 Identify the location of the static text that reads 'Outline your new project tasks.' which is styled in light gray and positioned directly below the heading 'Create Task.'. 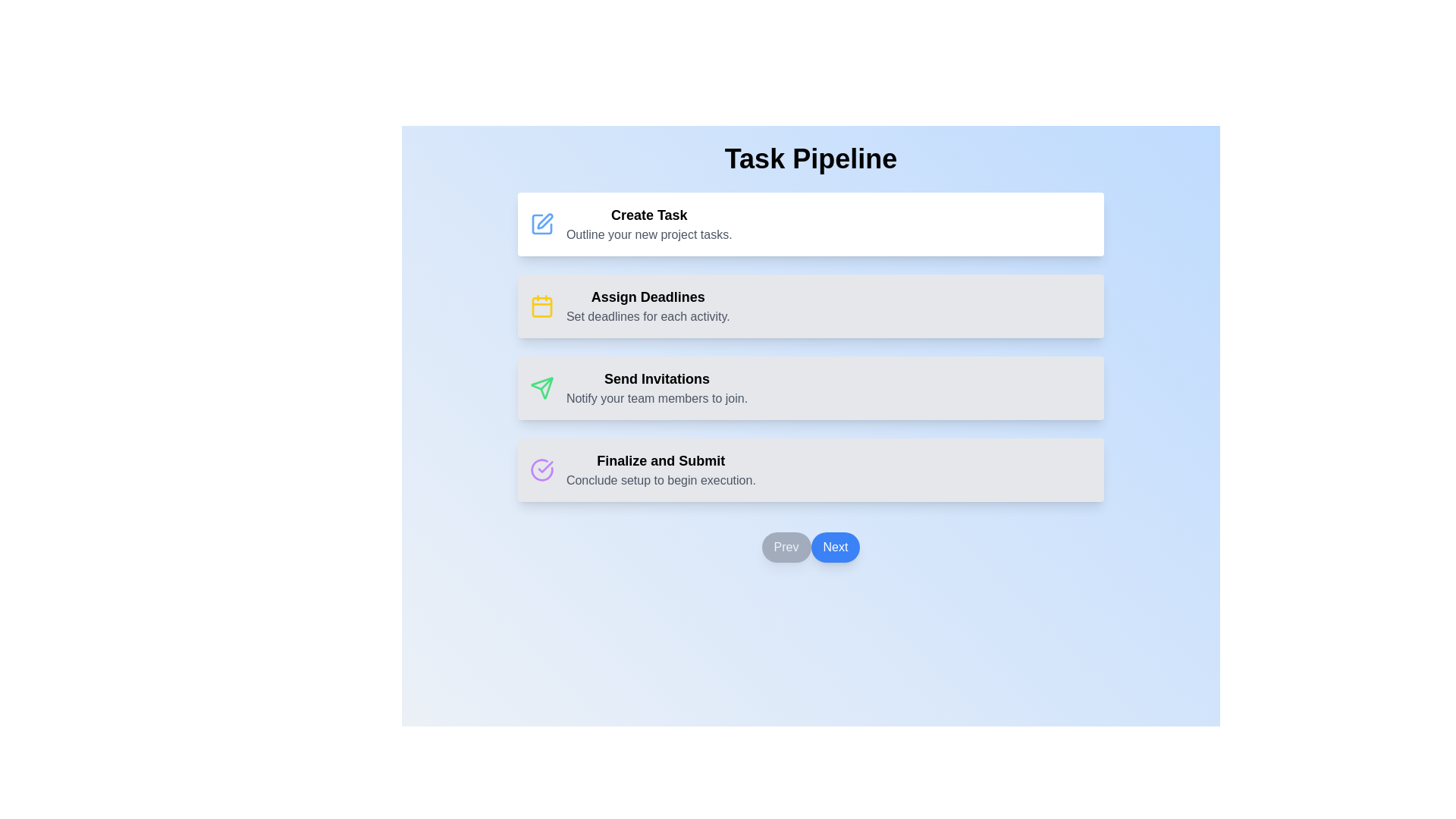
(649, 234).